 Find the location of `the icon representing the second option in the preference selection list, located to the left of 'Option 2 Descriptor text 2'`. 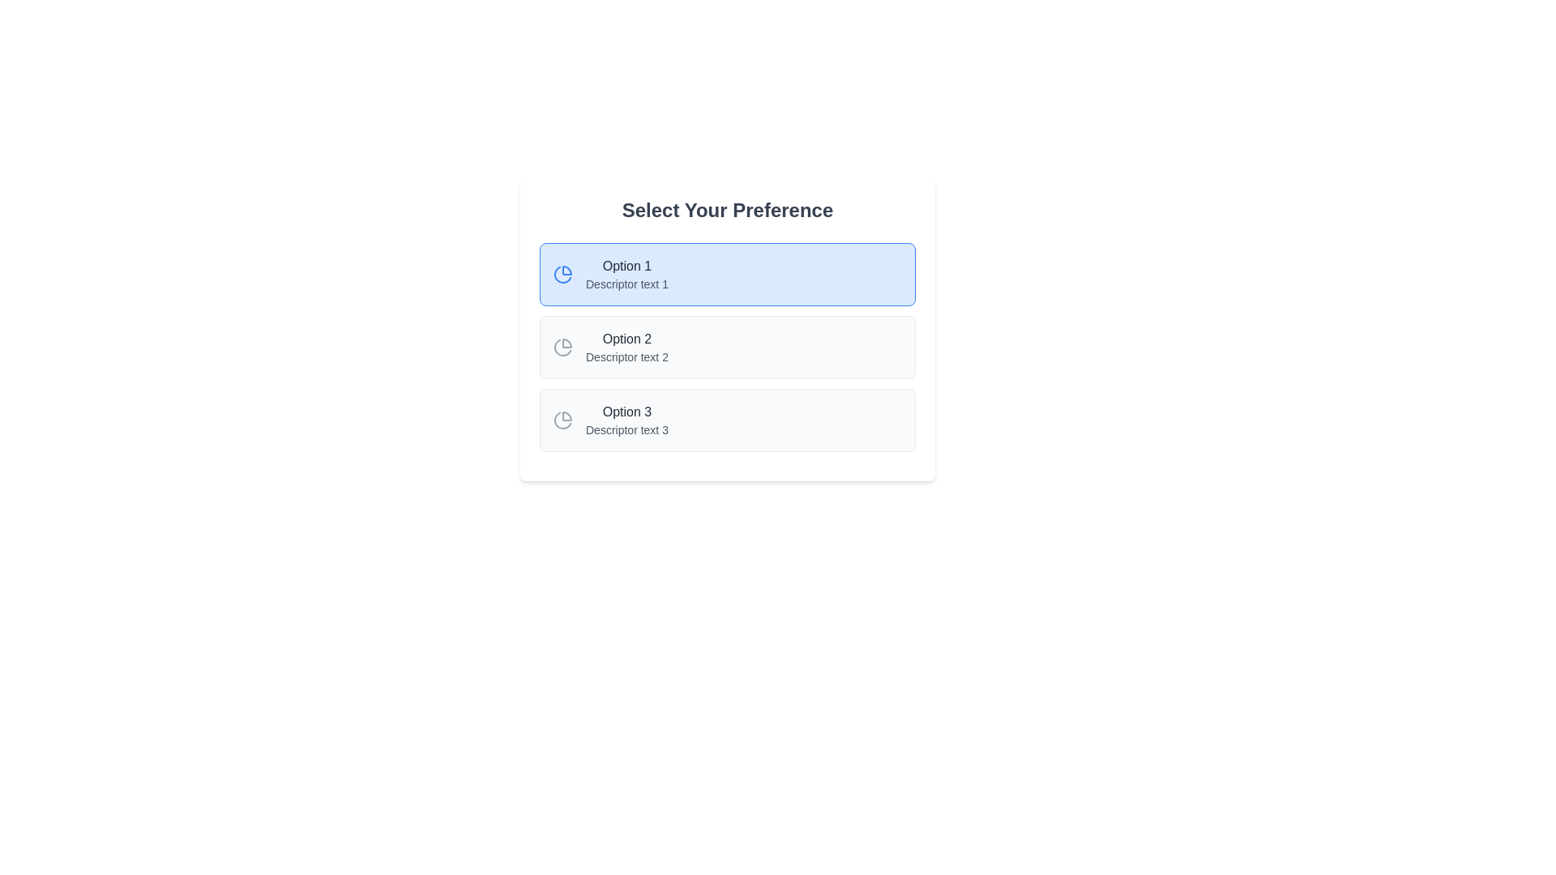

the icon representing the second option in the preference selection list, located to the left of 'Option 2 Descriptor text 2' is located at coordinates (563, 346).